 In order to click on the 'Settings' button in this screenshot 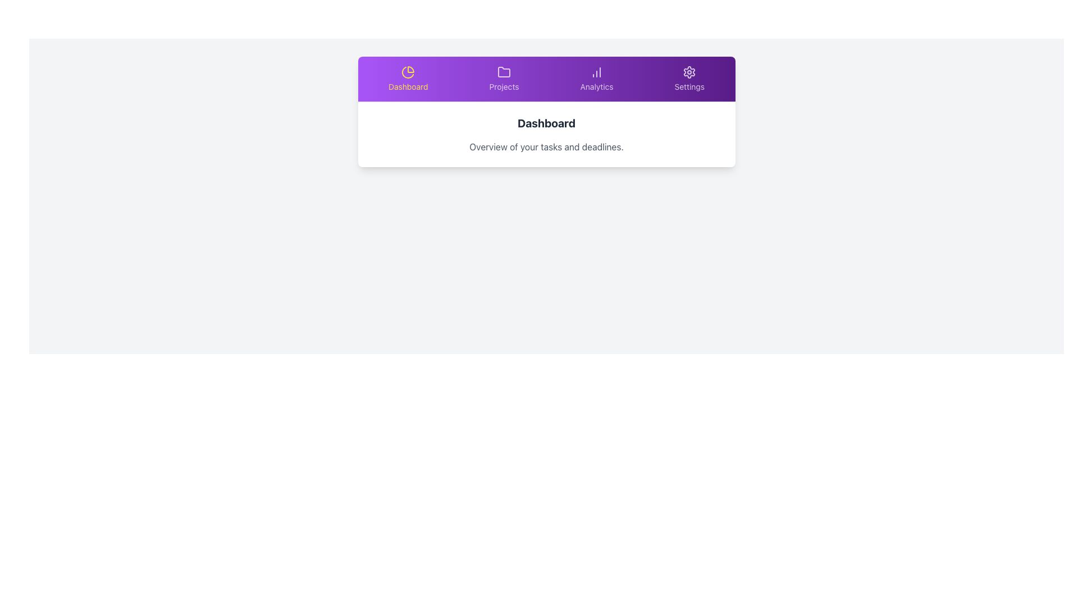, I will do `click(689, 79)`.